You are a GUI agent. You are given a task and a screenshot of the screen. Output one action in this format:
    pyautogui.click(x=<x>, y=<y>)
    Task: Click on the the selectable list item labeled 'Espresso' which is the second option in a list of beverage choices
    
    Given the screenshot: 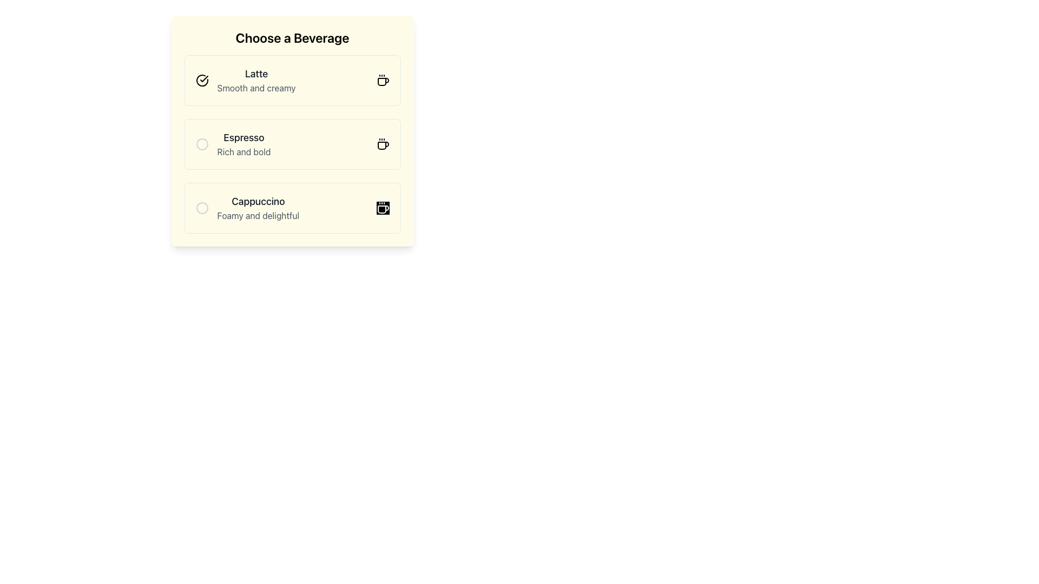 What is the action you would take?
    pyautogui.click(x=292, y=143)
    